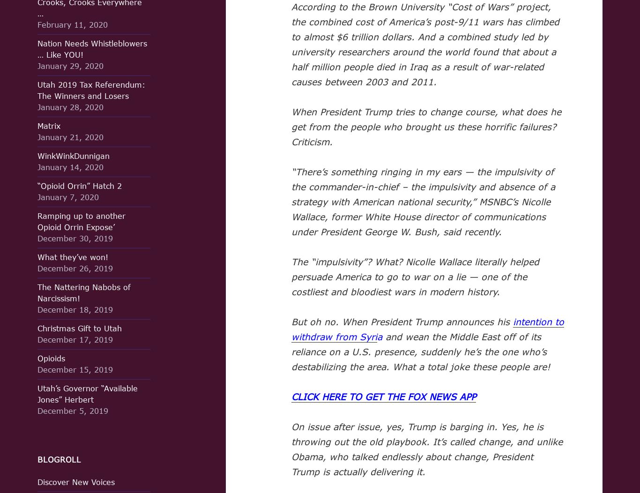 This screenshot has width=640, height=493. Describe the element at coordinates (74, 309) in the screenshot. I see `'December 18, 2019'` at that location.